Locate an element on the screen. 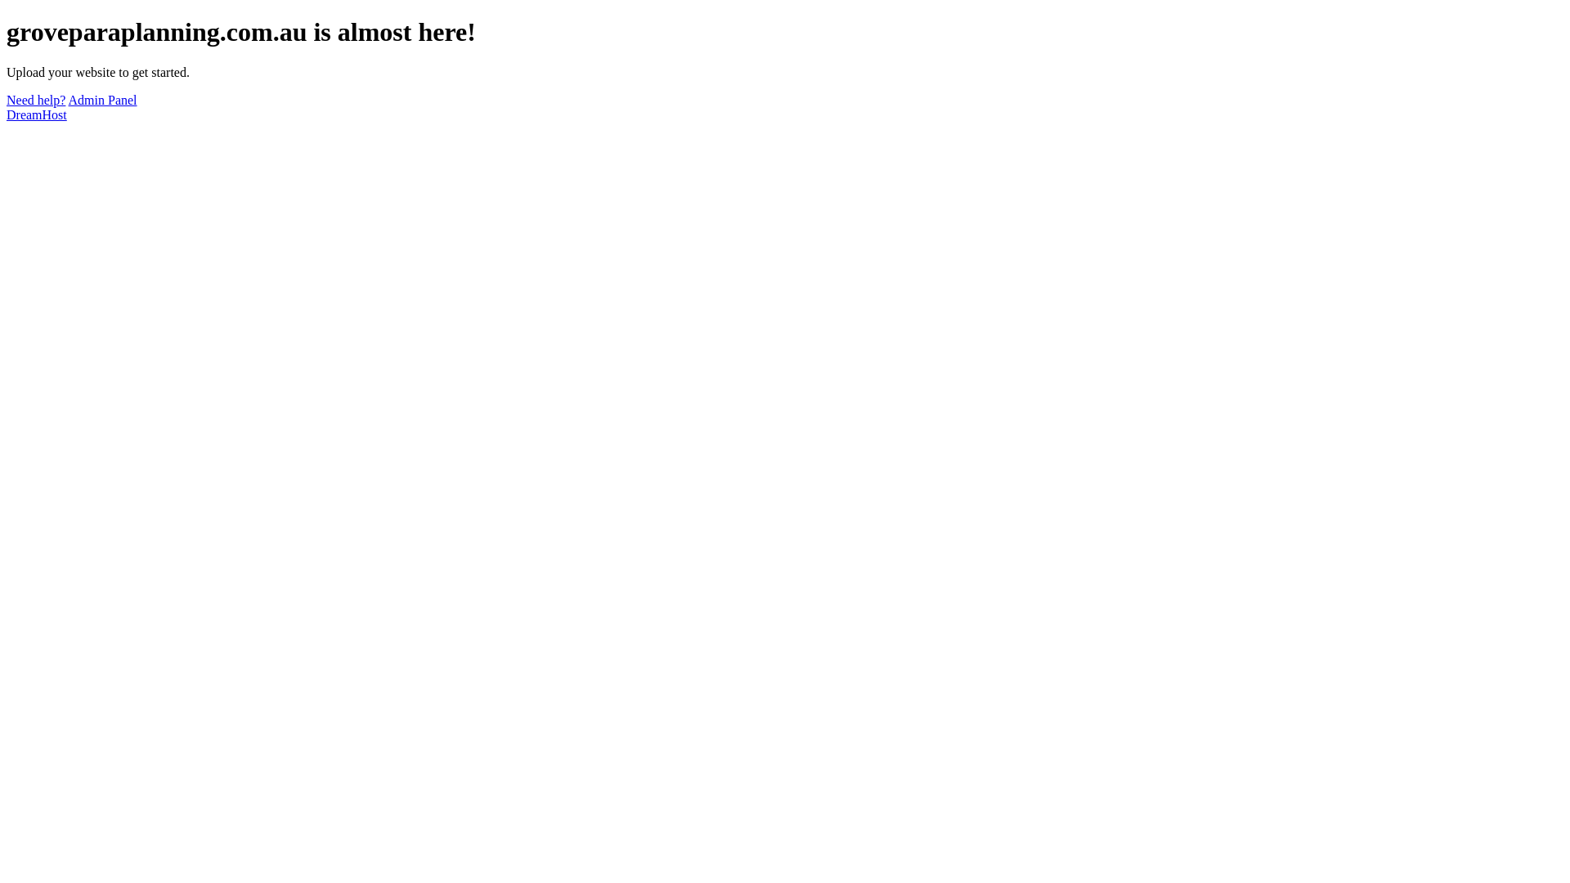 This screenshot has width=1570, height=883. 'DreamHost' is located at coordinates (36, 114).